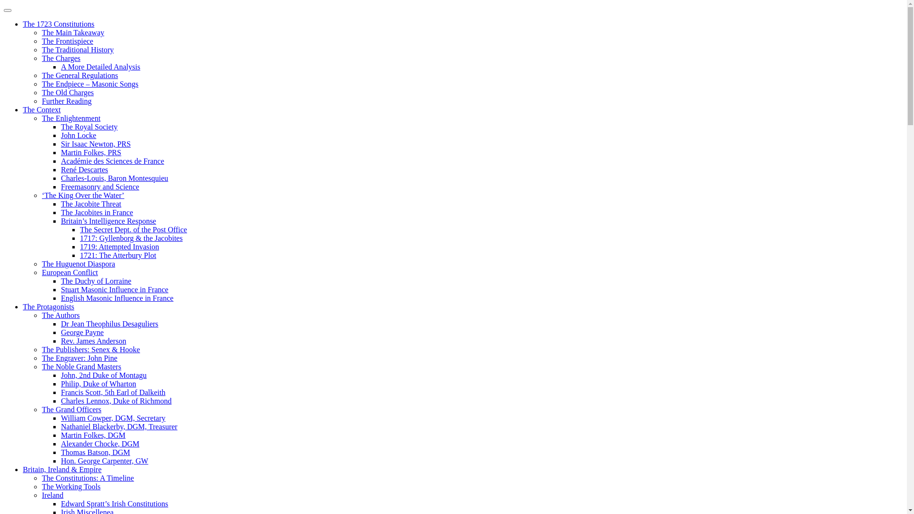 Image resolution: width=914 pixels, height=514 pixels. I want to click on '1721: The Atterbury Plot', so click(80, 255).